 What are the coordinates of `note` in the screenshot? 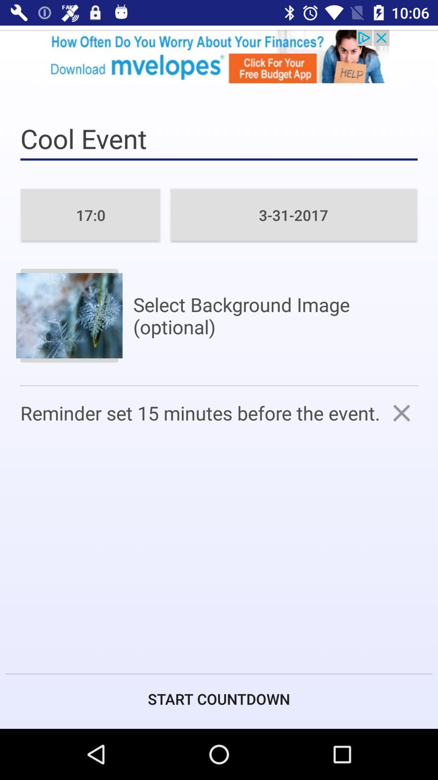 It's located at (401, 413).